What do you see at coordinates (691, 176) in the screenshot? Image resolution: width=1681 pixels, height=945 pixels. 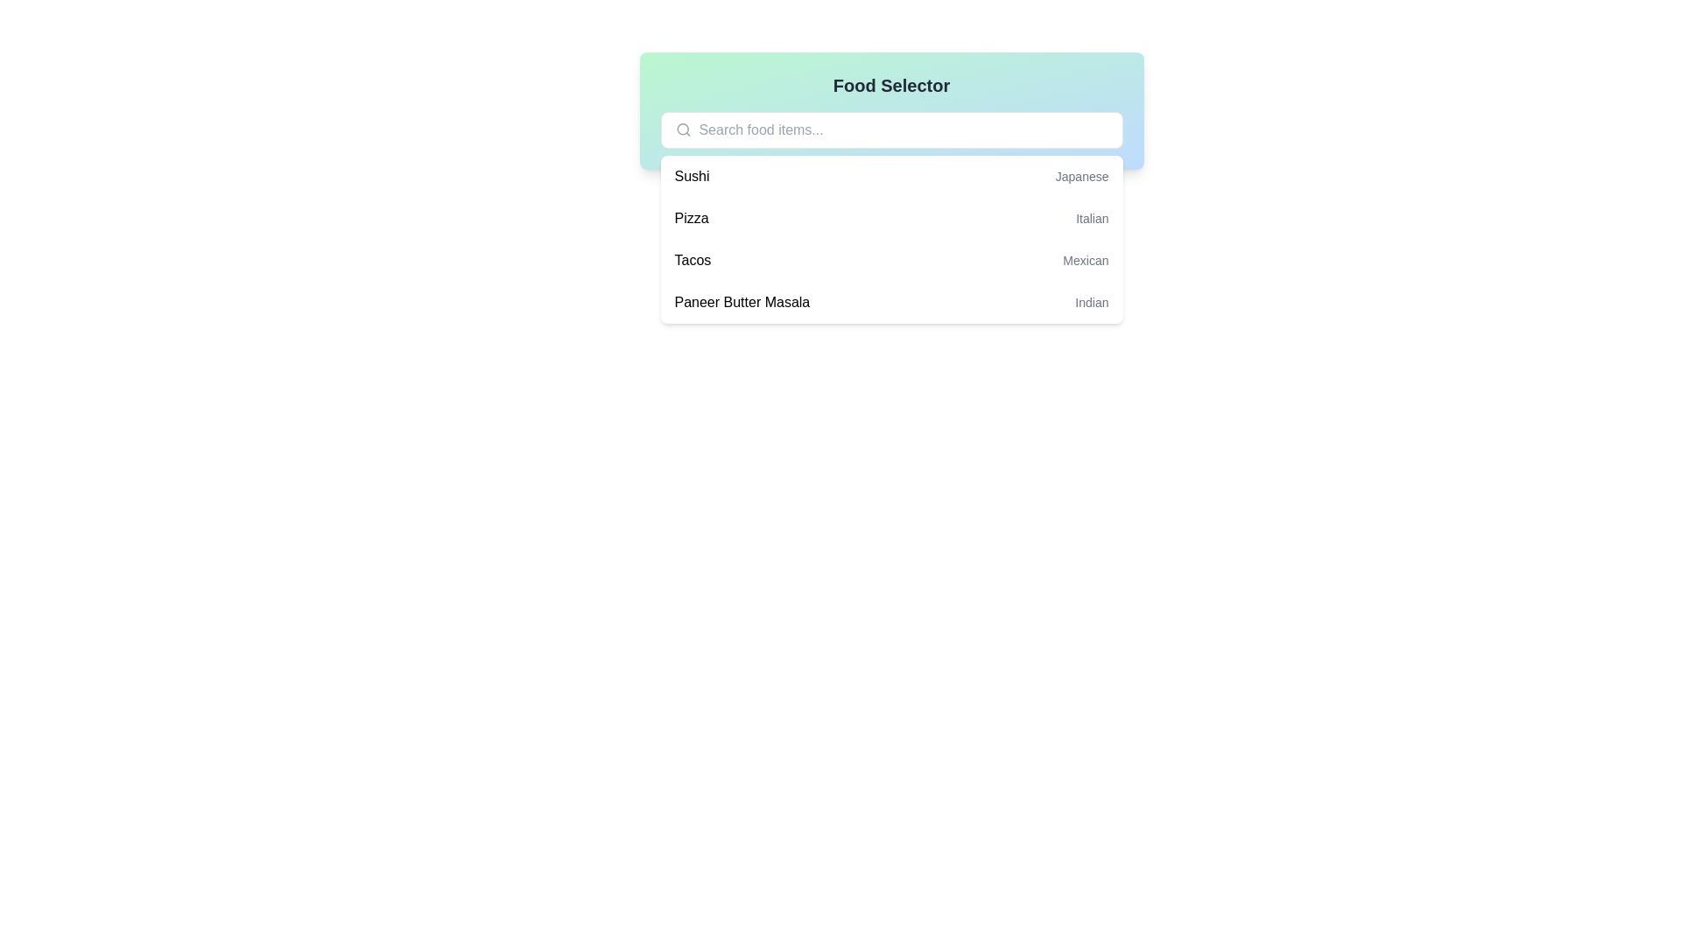 I see `the 'Sushi' text label in the food menu dropdown, which is the first selectable option, positioned left-aligned next to the 'Japanese' label` at bounding box center [691, 176].